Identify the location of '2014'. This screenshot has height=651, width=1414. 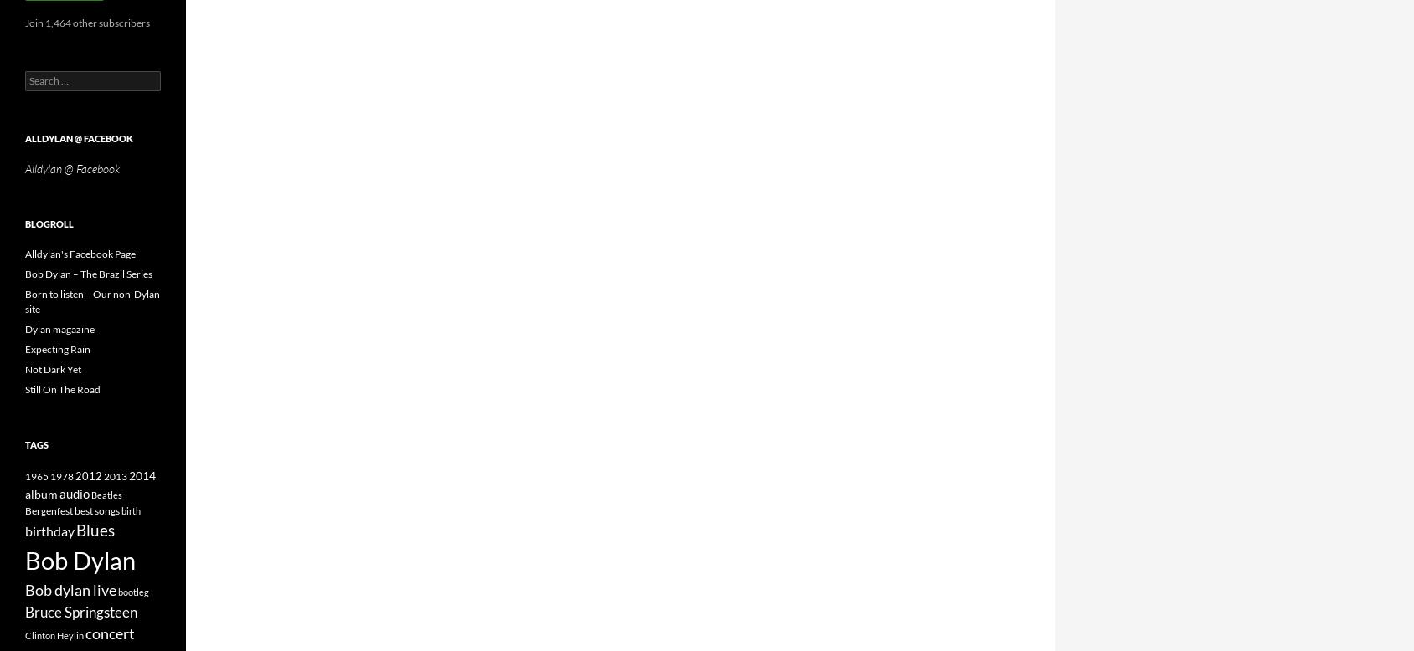
(142, 475).